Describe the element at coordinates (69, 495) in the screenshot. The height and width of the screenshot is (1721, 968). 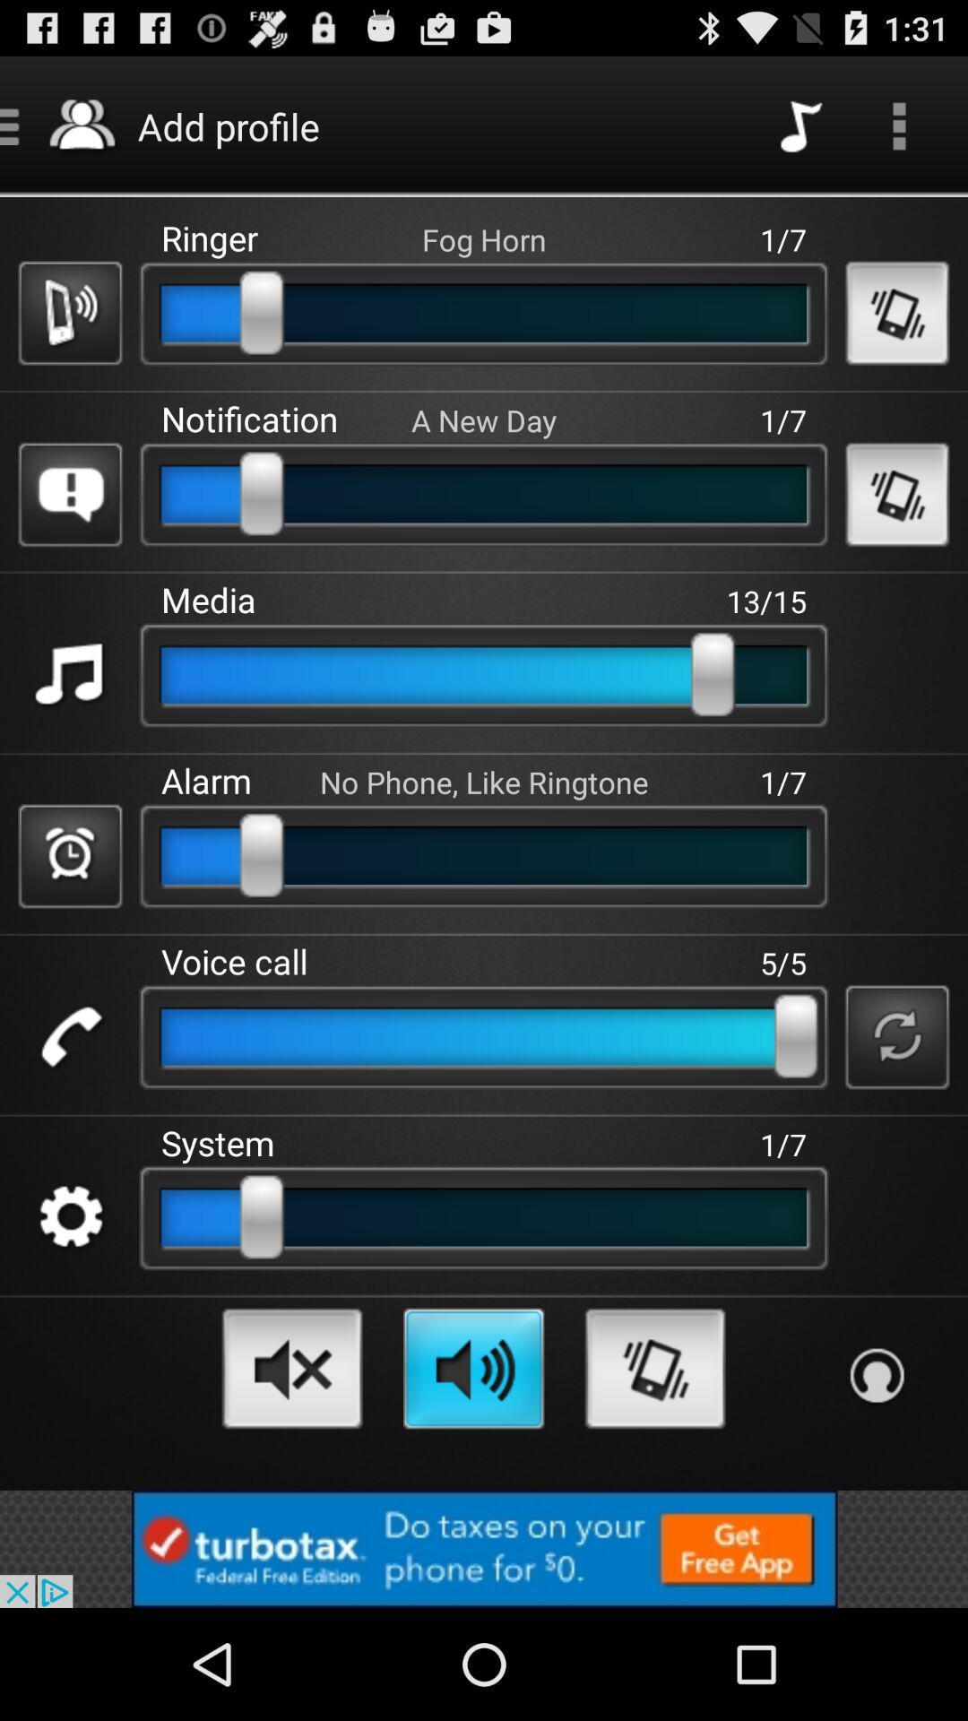
I see `text notification options` at that location.